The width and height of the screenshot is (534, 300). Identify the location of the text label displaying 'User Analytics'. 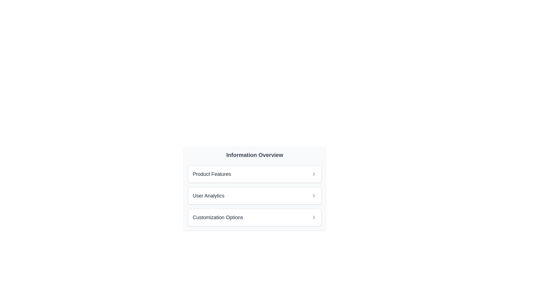
(208, 196).